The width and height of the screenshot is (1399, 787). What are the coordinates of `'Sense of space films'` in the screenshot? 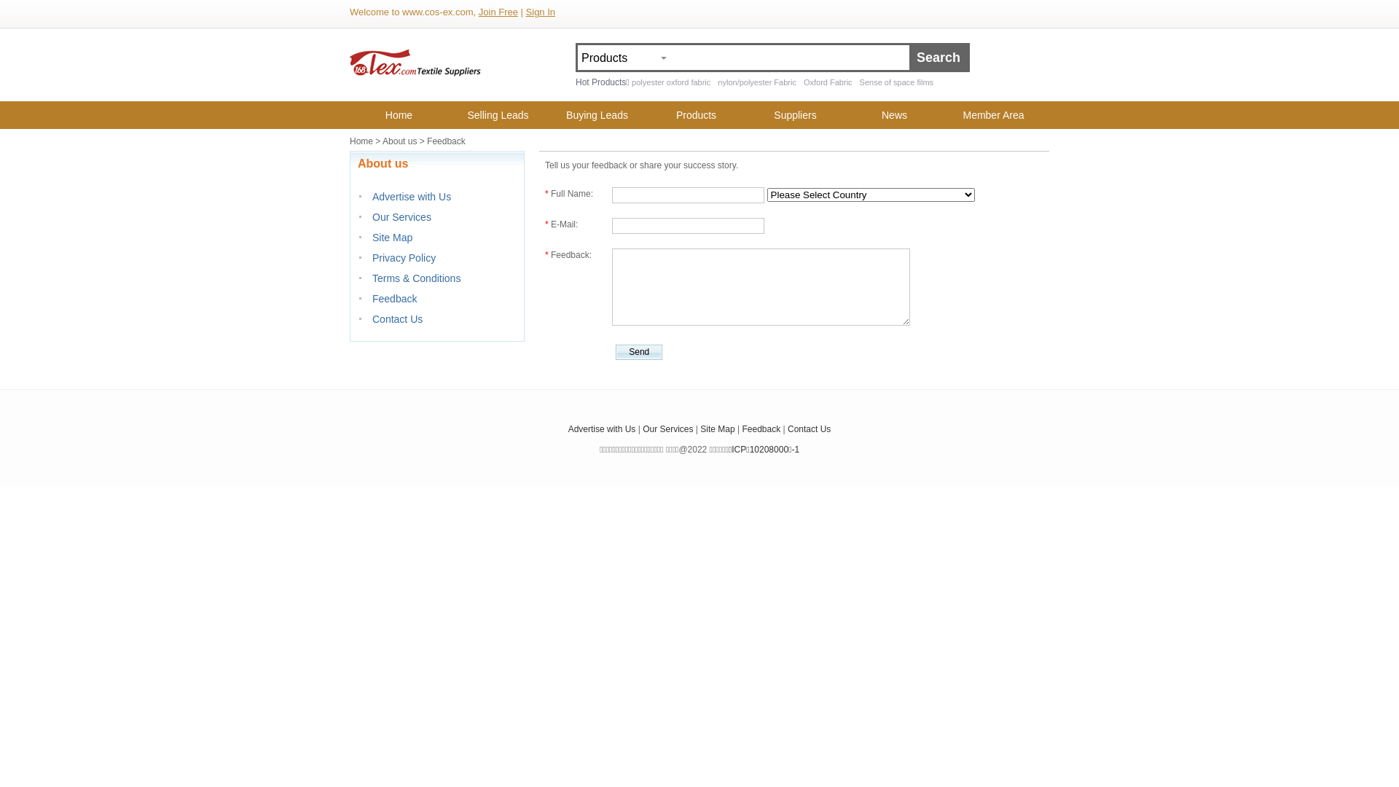 It's located at (896, 82).